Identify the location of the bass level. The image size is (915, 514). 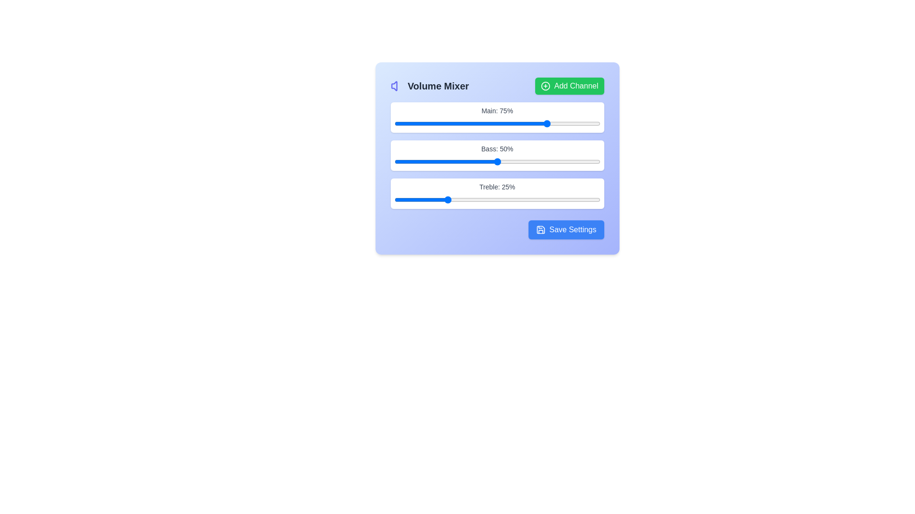
(441, 161).